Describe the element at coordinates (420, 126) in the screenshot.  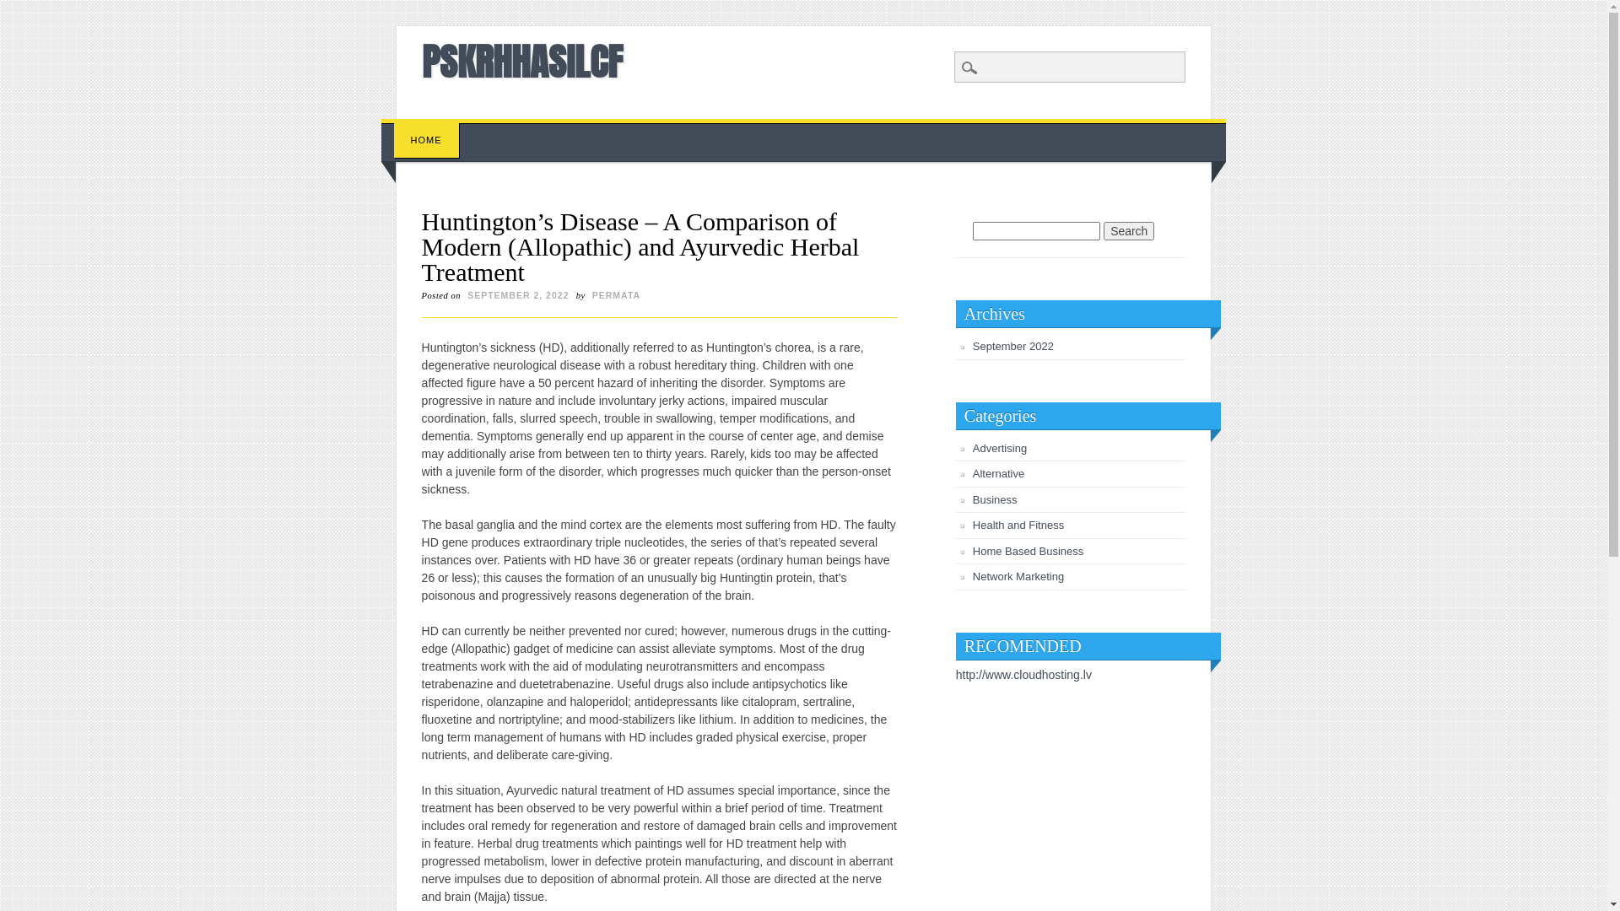
I see `'Skip to content'` at that location.